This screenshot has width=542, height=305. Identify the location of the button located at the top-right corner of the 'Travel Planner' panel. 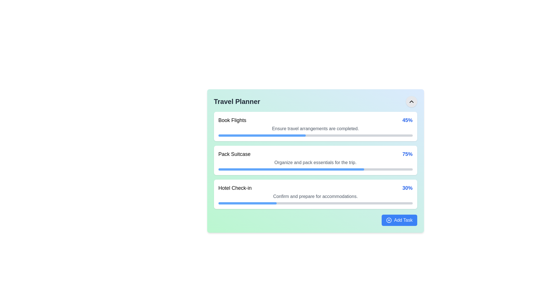
(411, 101).